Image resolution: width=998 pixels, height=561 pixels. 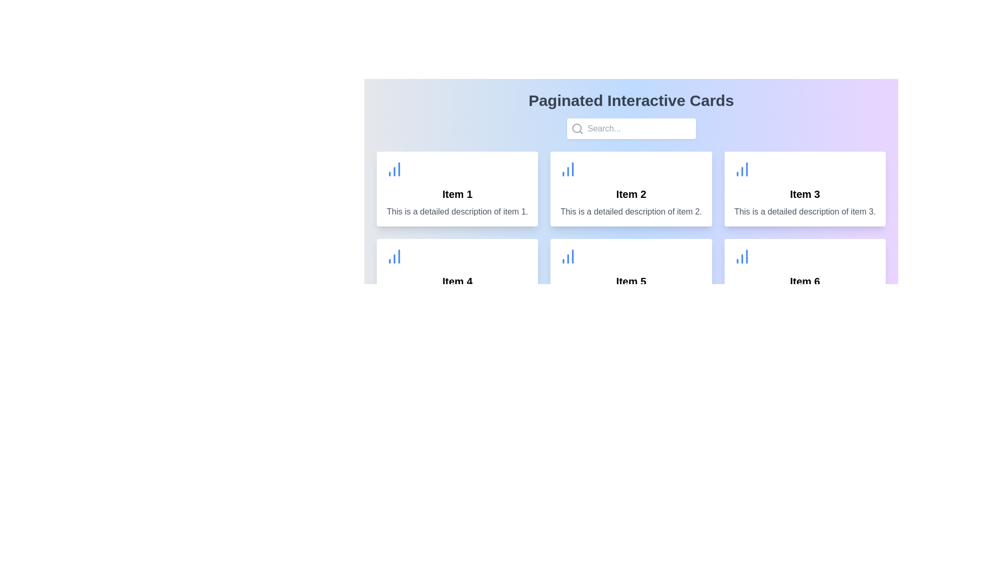 What do you see at coordinates (457, 211) in the screenshot?
I see `descriptive text located within the first card in the grid, situated directly below the title 'Item 1'` at bounding box center [457, 211].